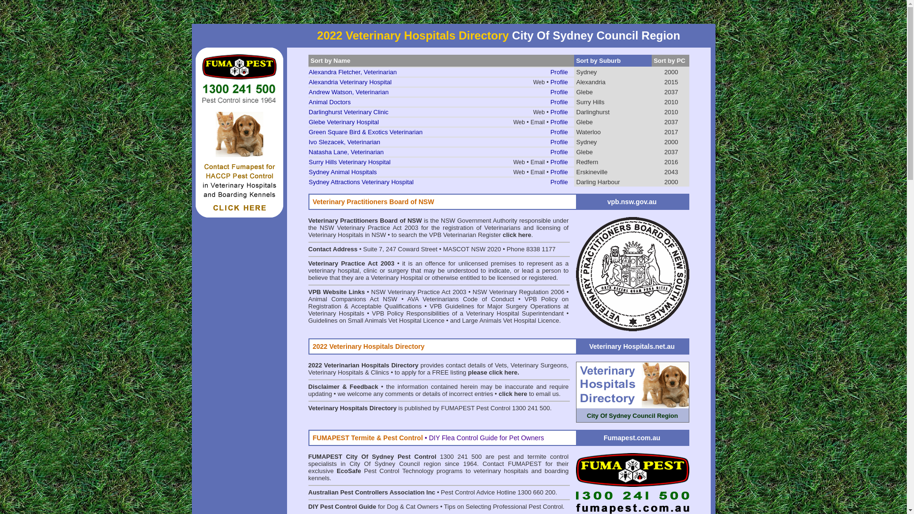  Describe the element at coordinates (584, 92) in the screenshot. I see `'Glebe'` at that location.